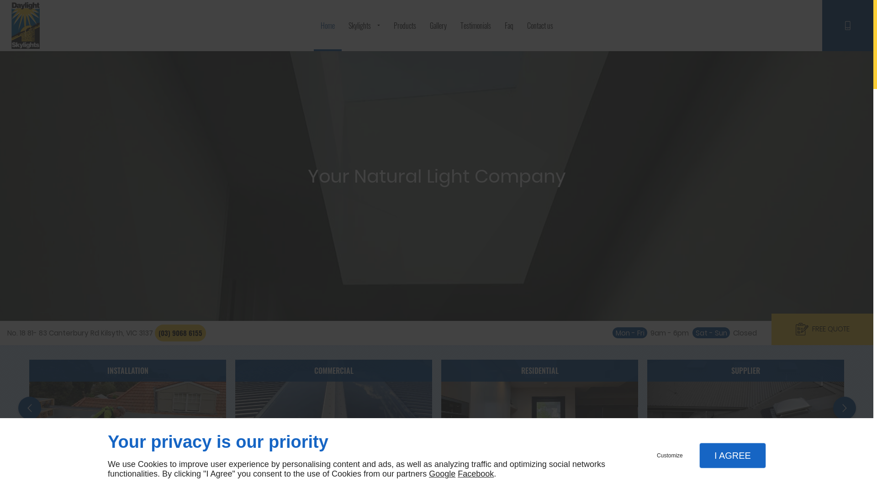 The height and width of the screenshot is (493, 877). What do you see at coordinates (475, 473) in the screenshot?
I see `'Facebook'` at bounding box center [475, 473].